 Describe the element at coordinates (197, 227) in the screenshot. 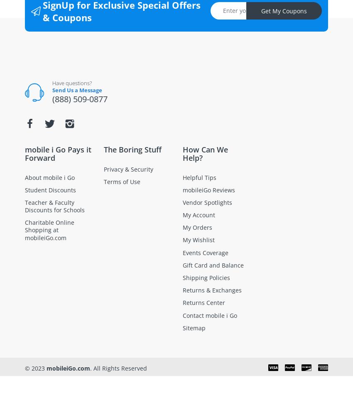

I see `'My Orders'` at that location.